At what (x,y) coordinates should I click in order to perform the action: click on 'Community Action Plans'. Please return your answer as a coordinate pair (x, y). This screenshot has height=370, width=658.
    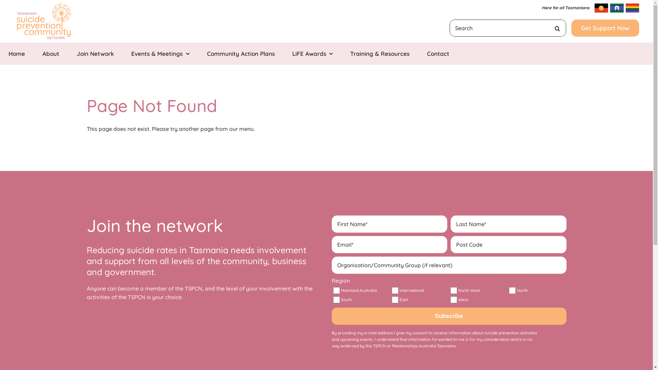
    Looking at the image, I should click on (240, 53).